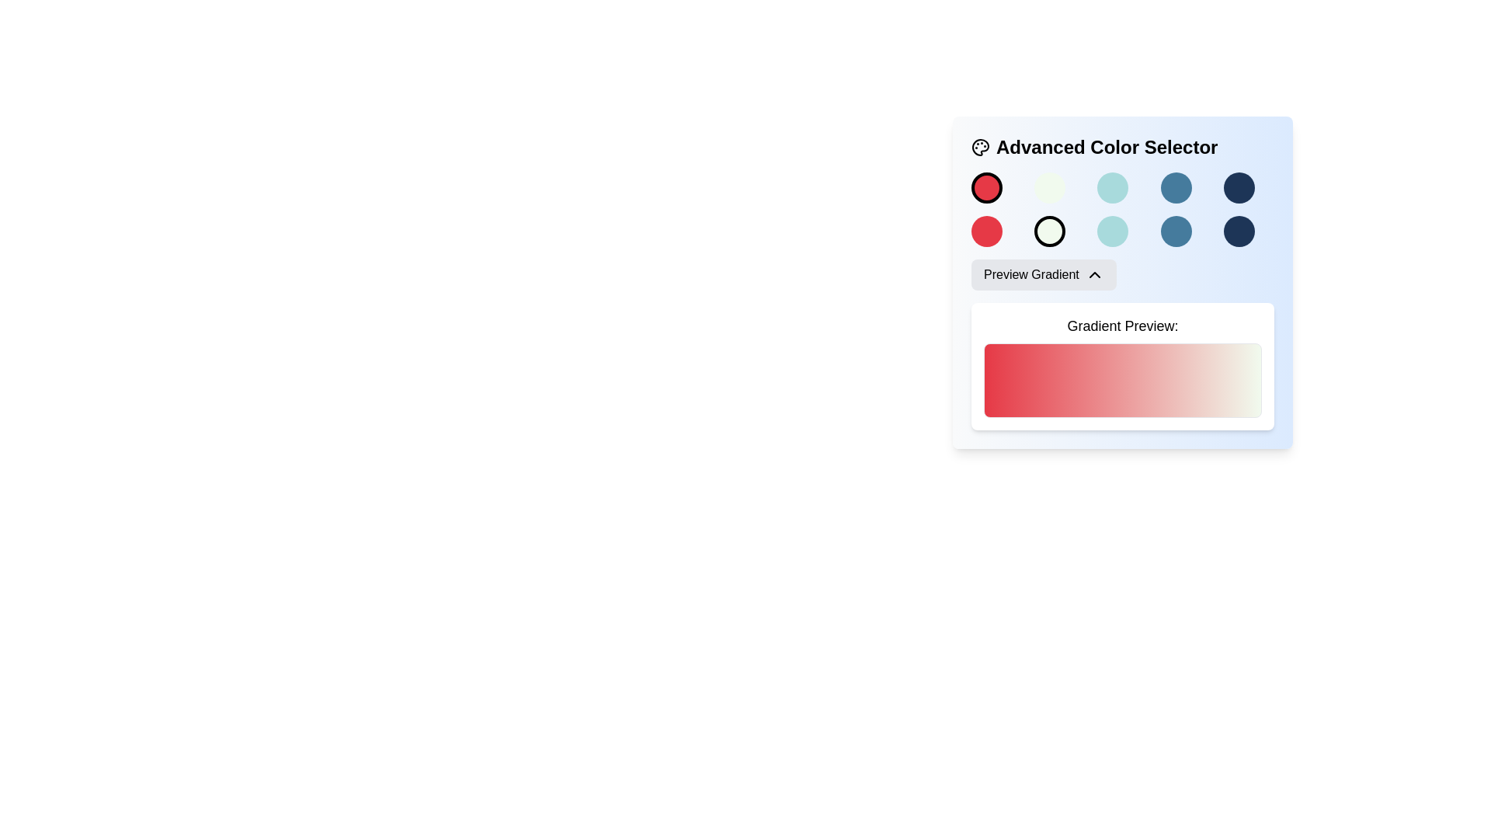 Image resolution: width=1491 pixels, height=839 pixels. I want to click on the second circular color button with a pale greenish background in the top row of the grid, so click(1050, 187).